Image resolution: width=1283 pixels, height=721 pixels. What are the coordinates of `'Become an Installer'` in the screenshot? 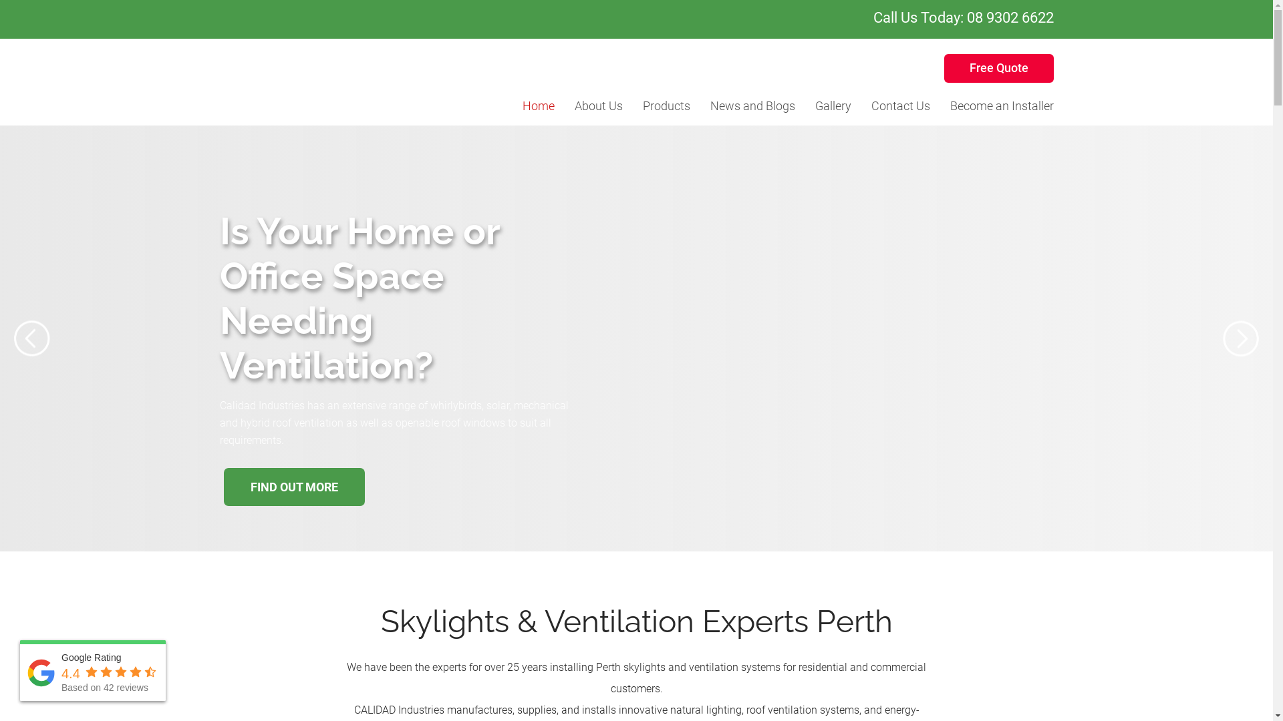 It's located at (1002, 105).